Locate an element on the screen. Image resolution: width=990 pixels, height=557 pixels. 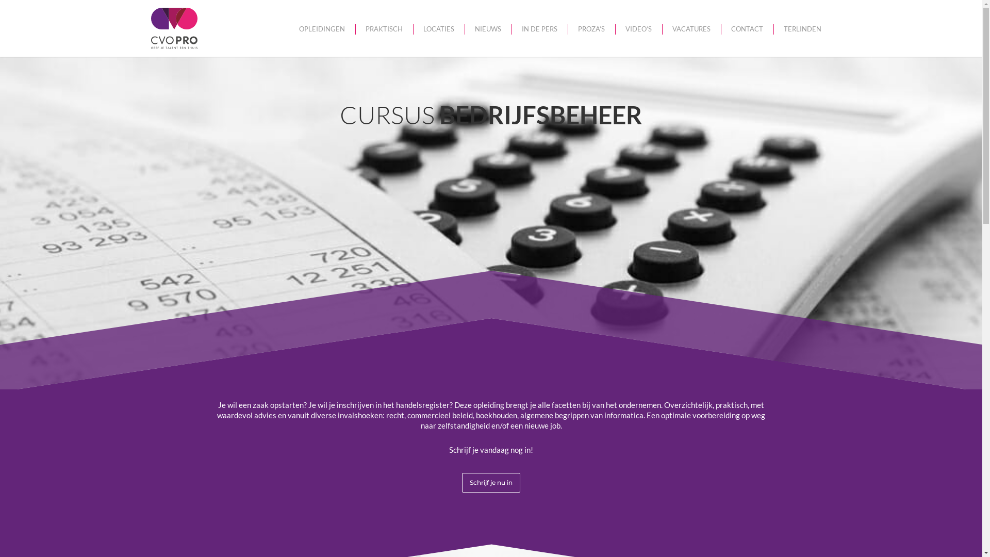
'CONTACT' is located at coordinates (747, 27).